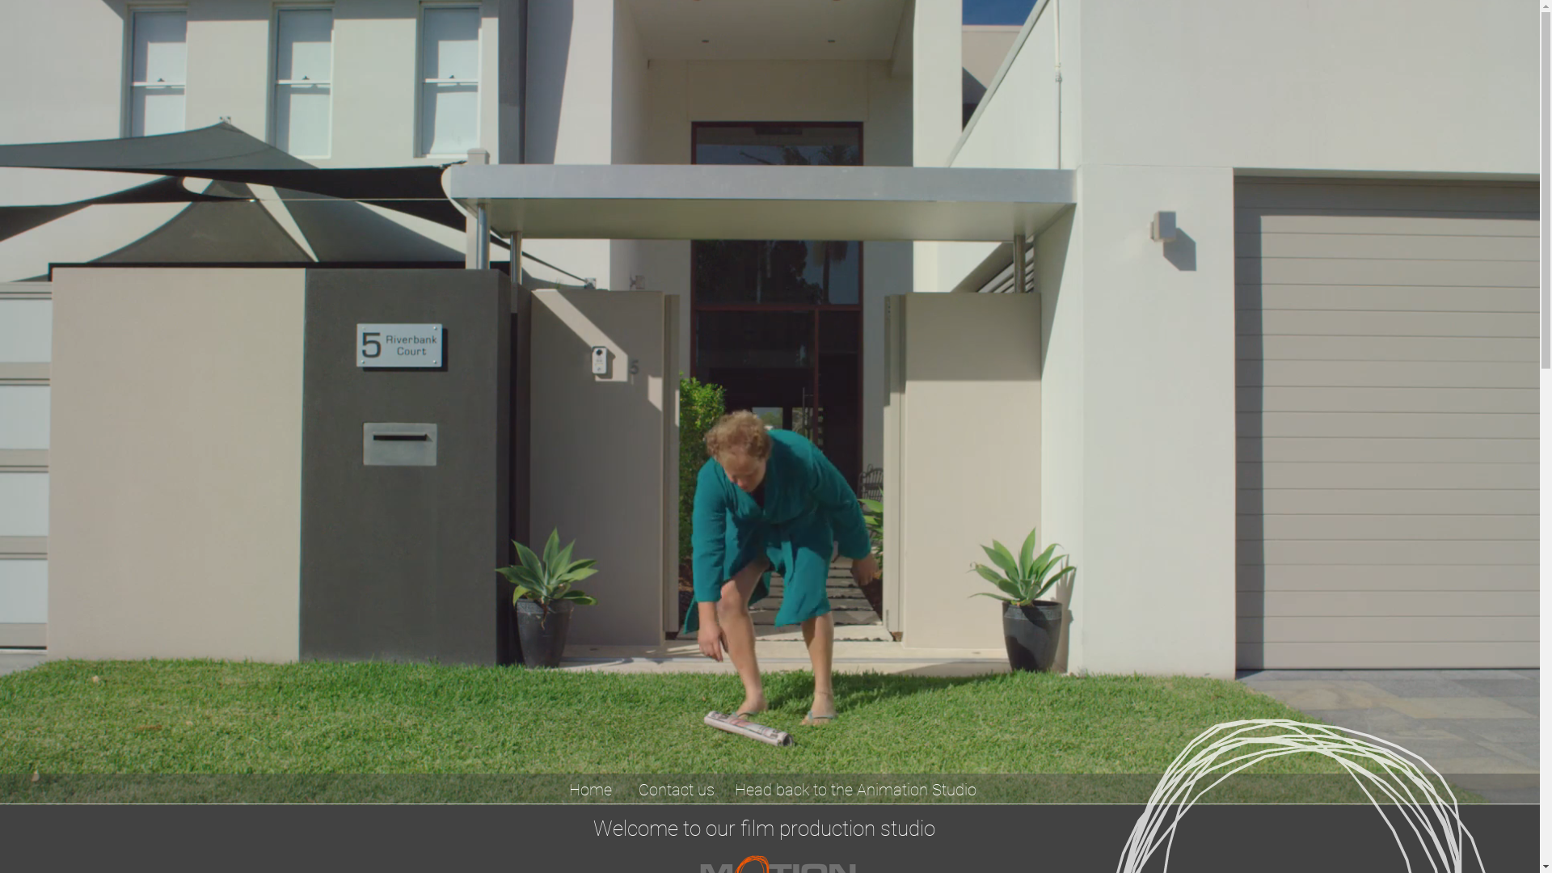 The width and height of the screenshot is (1552, 873). What do you see at coordinates (855, 788) in the screenshot?
I see `'Head back to the Animation Studio'` at bounding box center [855, 788].